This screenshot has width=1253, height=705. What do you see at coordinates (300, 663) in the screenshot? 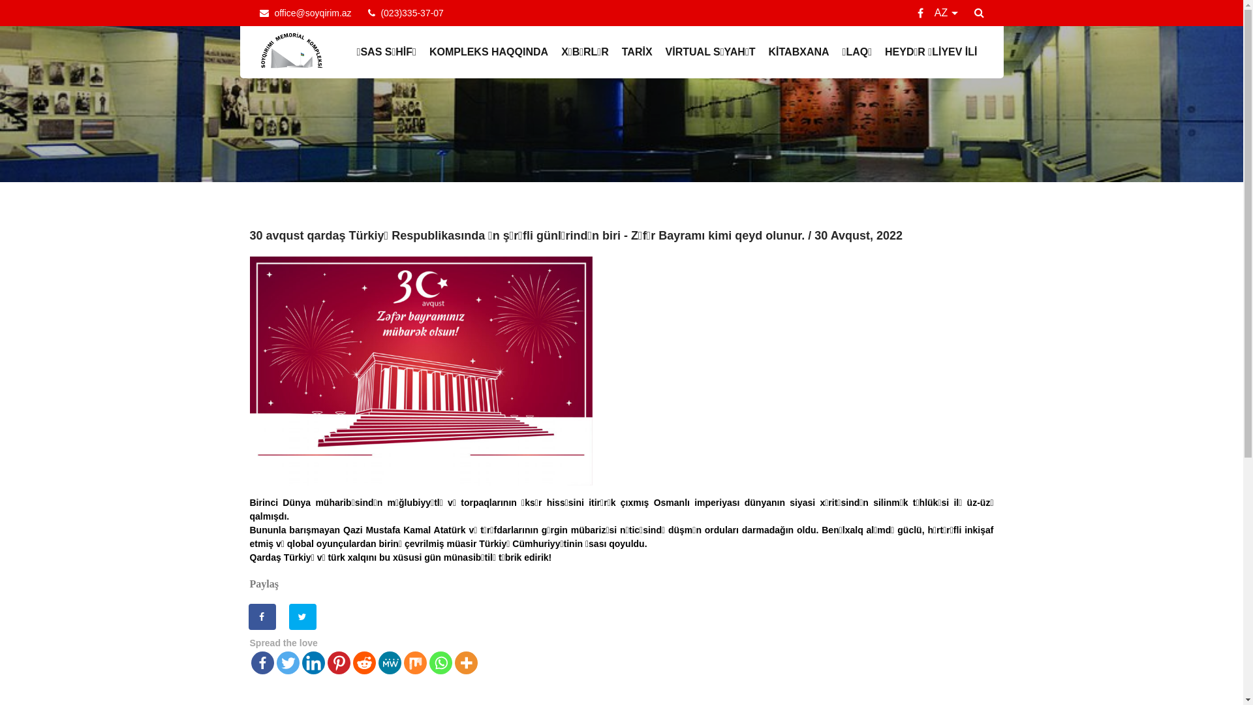
I see `'Linkedin'` at bounding box center [300, 663].